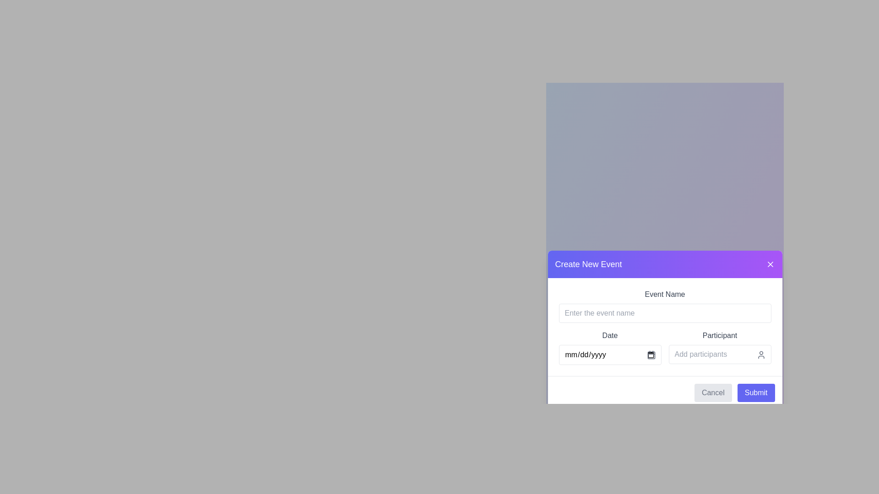 The image size is (879, 494). What do you see at coordinates (761, 354) in the screenshot?
I see `the user icon located in the top-right corner of the 'Add participants' input field, which is styled to resemble a person's head and shoulders and is gray in color` at bounding box center [761, 354].